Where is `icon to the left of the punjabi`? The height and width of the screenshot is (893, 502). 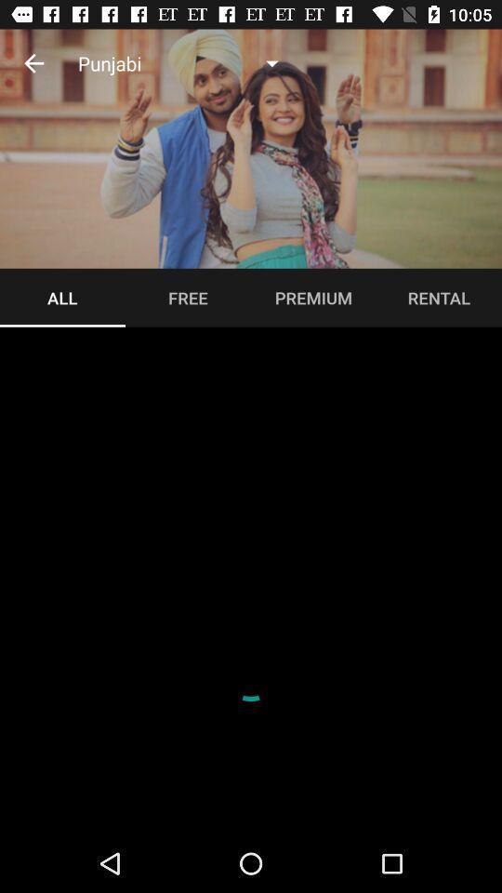 icon to the left of the punjabi is located at coordinates (33, 63).